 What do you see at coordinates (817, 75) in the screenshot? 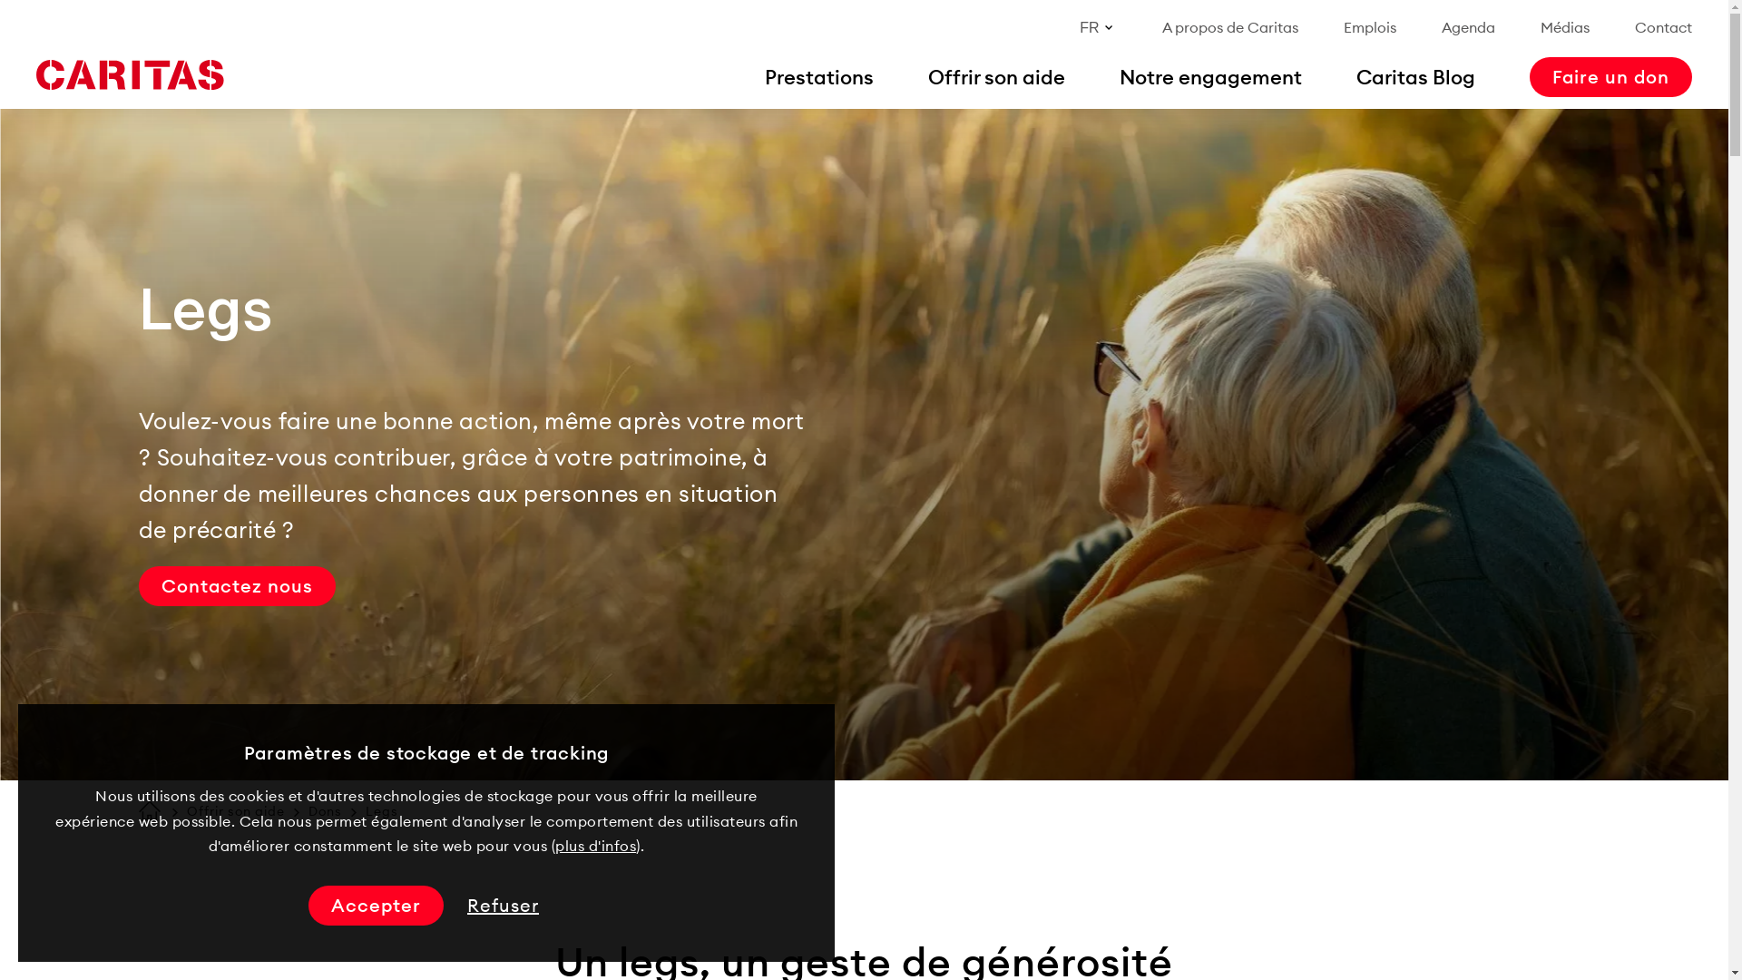
I see `'Prestations'` at bounding box center [817, 75].